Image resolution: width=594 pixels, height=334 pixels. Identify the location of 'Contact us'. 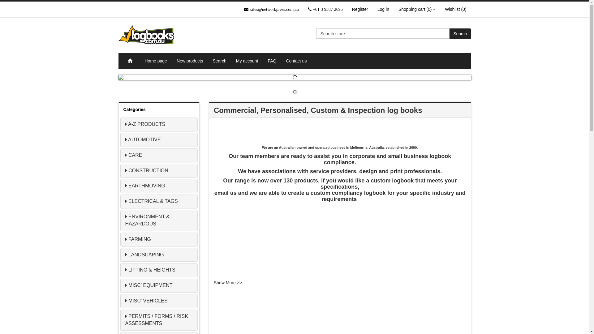
(281, 61).